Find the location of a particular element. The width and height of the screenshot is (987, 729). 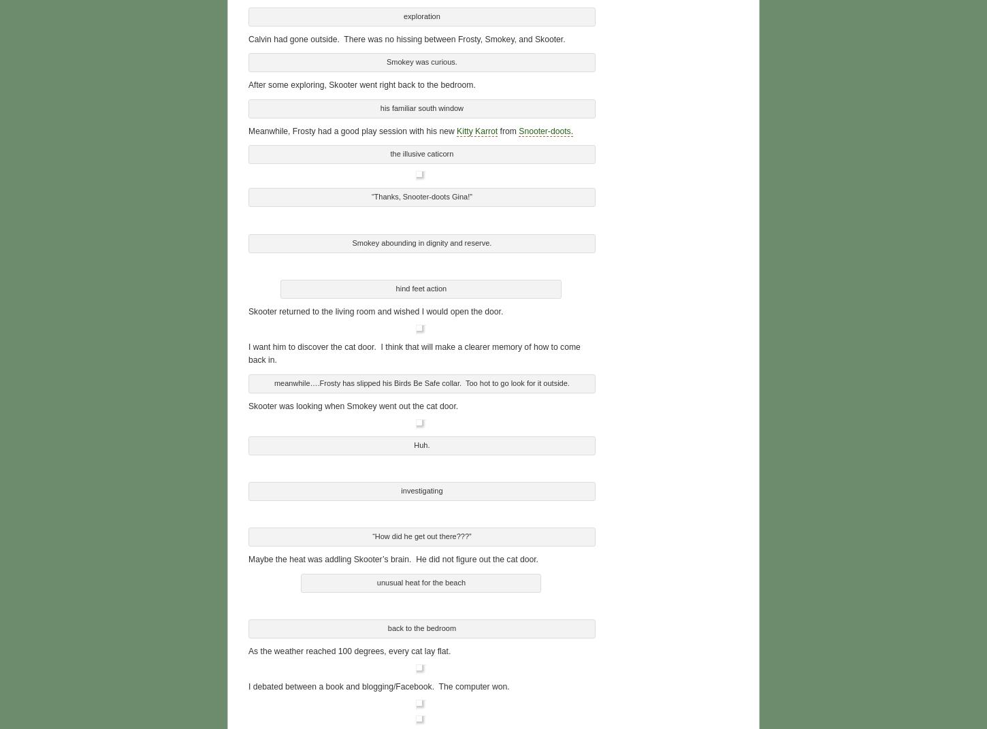

'Snooter-doots.' is located at coordinates (518, 128).